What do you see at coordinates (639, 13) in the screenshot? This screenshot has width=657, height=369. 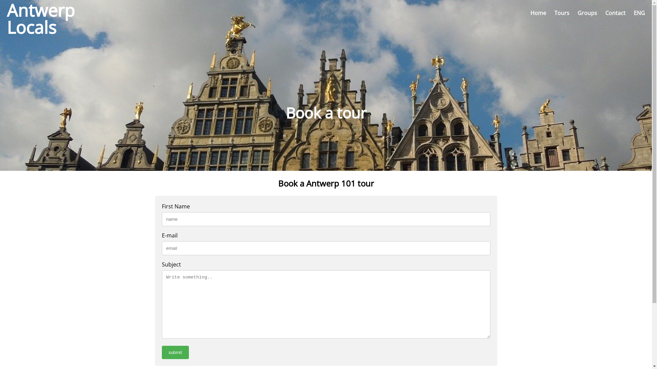 I see `'ENG'` at bounding box center [639, 13].